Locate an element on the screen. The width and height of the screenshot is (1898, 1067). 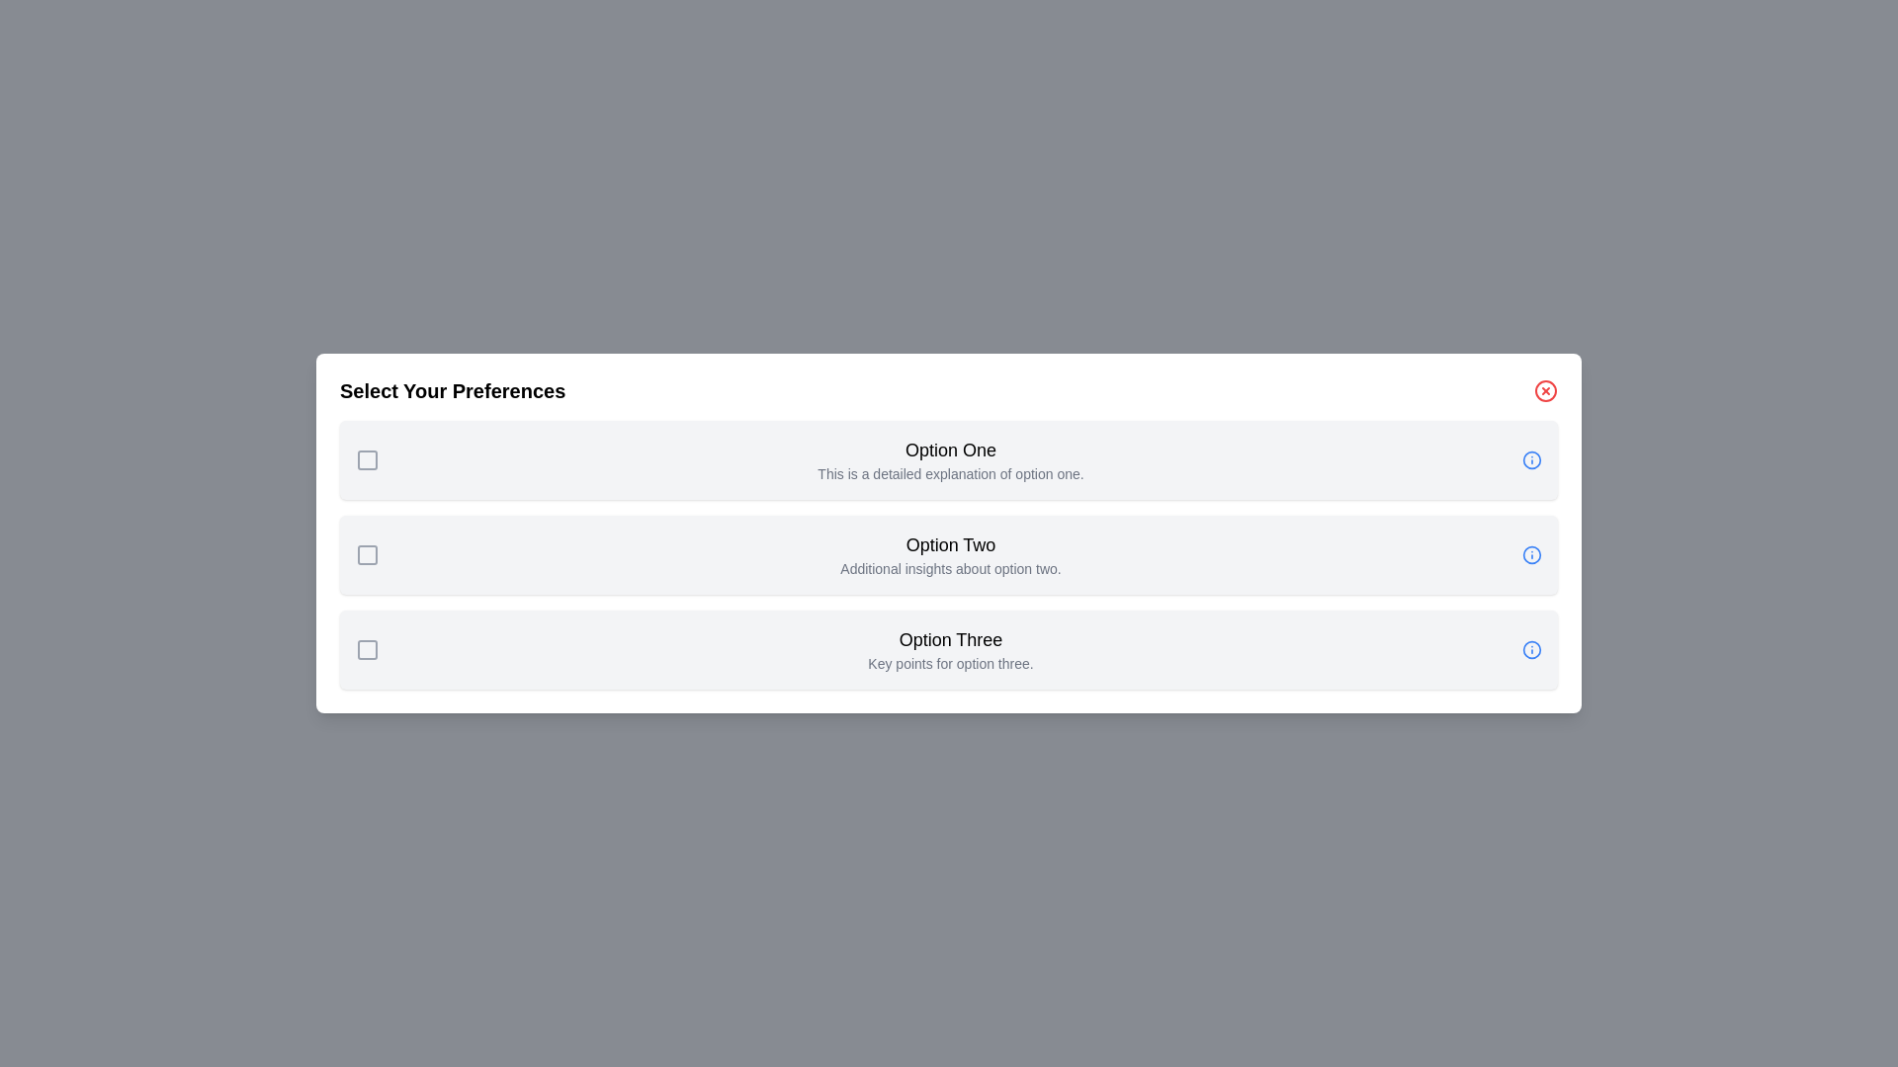
the Checkbox Icon associated with 'Option Two' is located at coordinates (368, 555).